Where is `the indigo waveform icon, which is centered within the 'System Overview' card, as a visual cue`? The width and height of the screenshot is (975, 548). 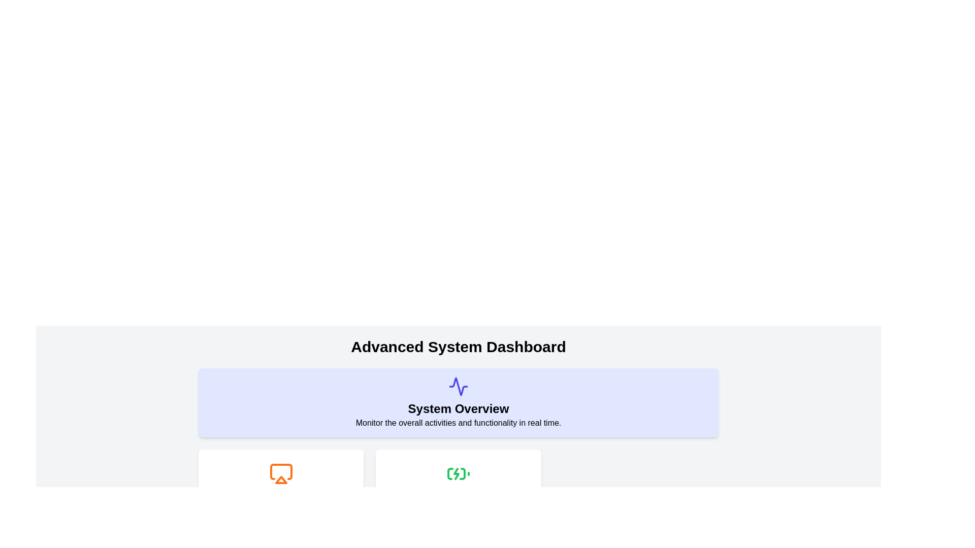
the indigo waveform icon, which is centered within the 'System Overview' card, as a visual cue is located at coordinates (458, 387).